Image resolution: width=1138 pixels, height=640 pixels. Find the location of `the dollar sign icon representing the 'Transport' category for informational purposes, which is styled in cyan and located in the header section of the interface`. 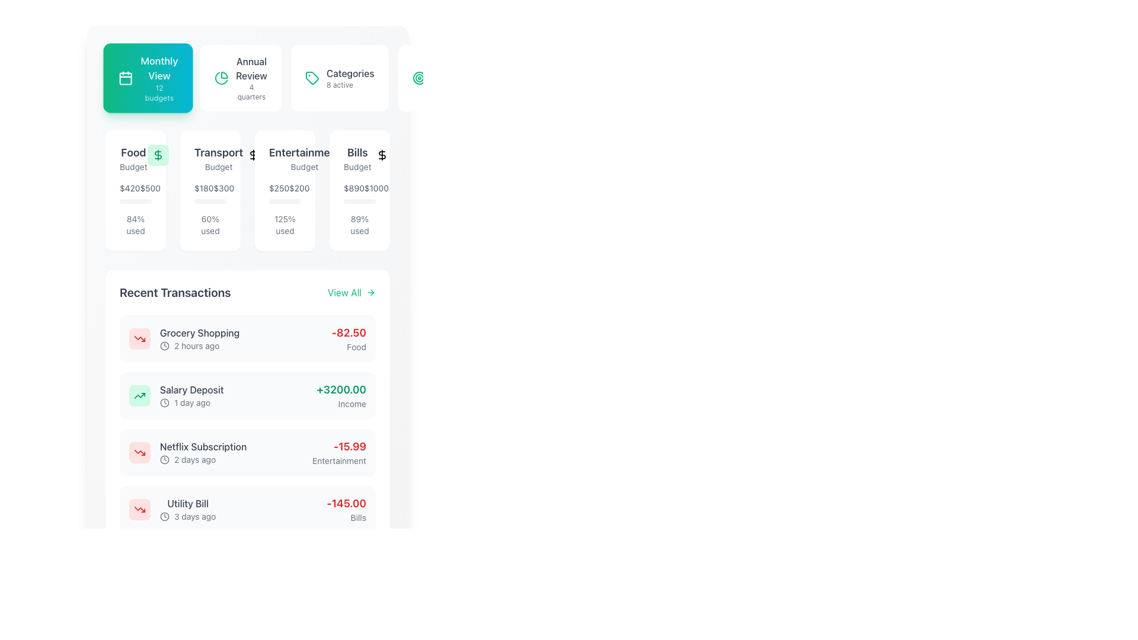

the dollar sign icon representing the 'Transport' category for informational purposes, which is styled in cyan and located in the header section of the interface is located at coordinates (253, 155).